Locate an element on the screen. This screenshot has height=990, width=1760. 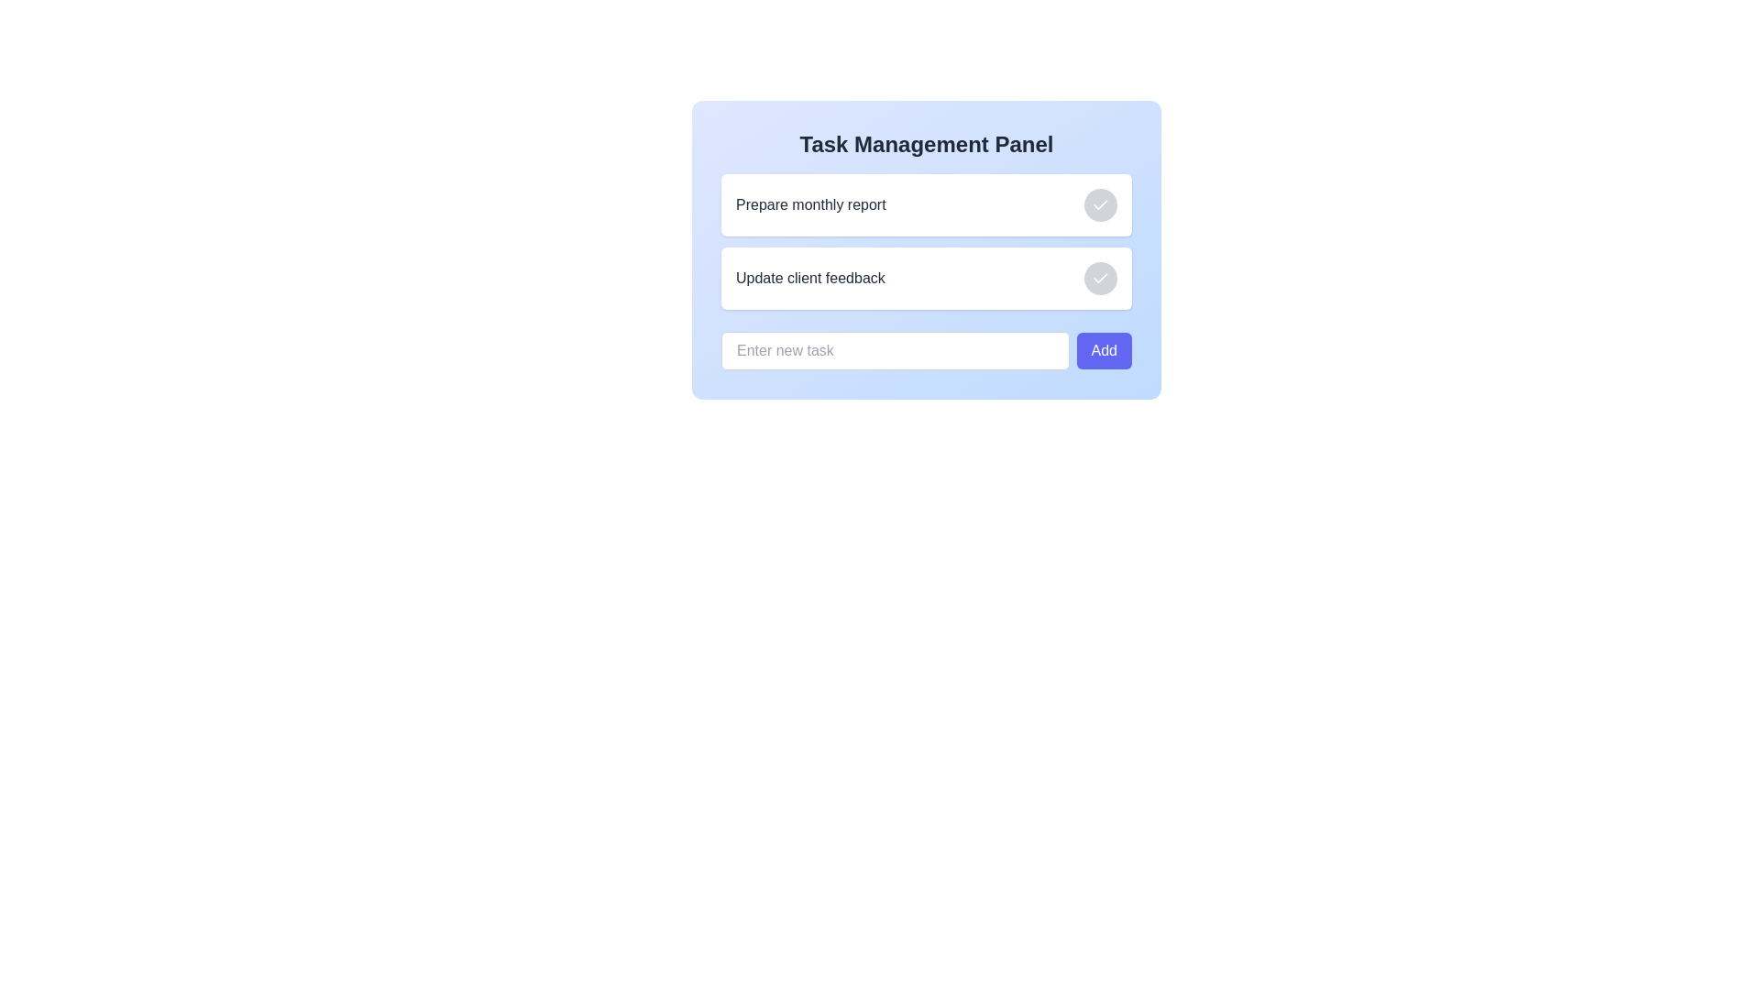
the task item labeled 'Update client feedback' is located at coordinates (927, 279).